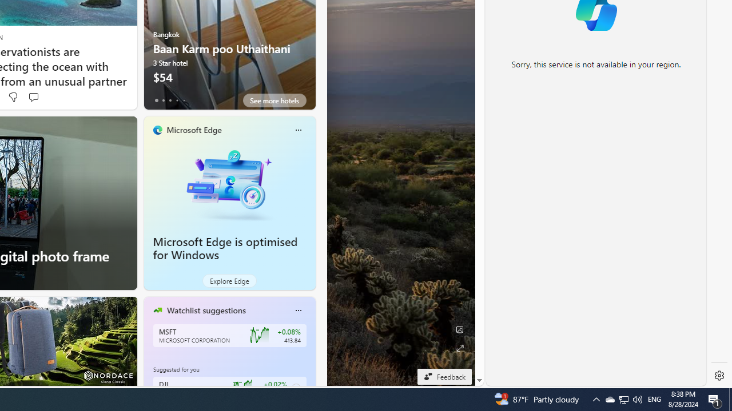 Image resolution: width=732 pixels, height=411 pixels. What do you see at coordinates (156, 100) in the screenshot?
I see `'tab-0'` at bounding box center [156, 100].